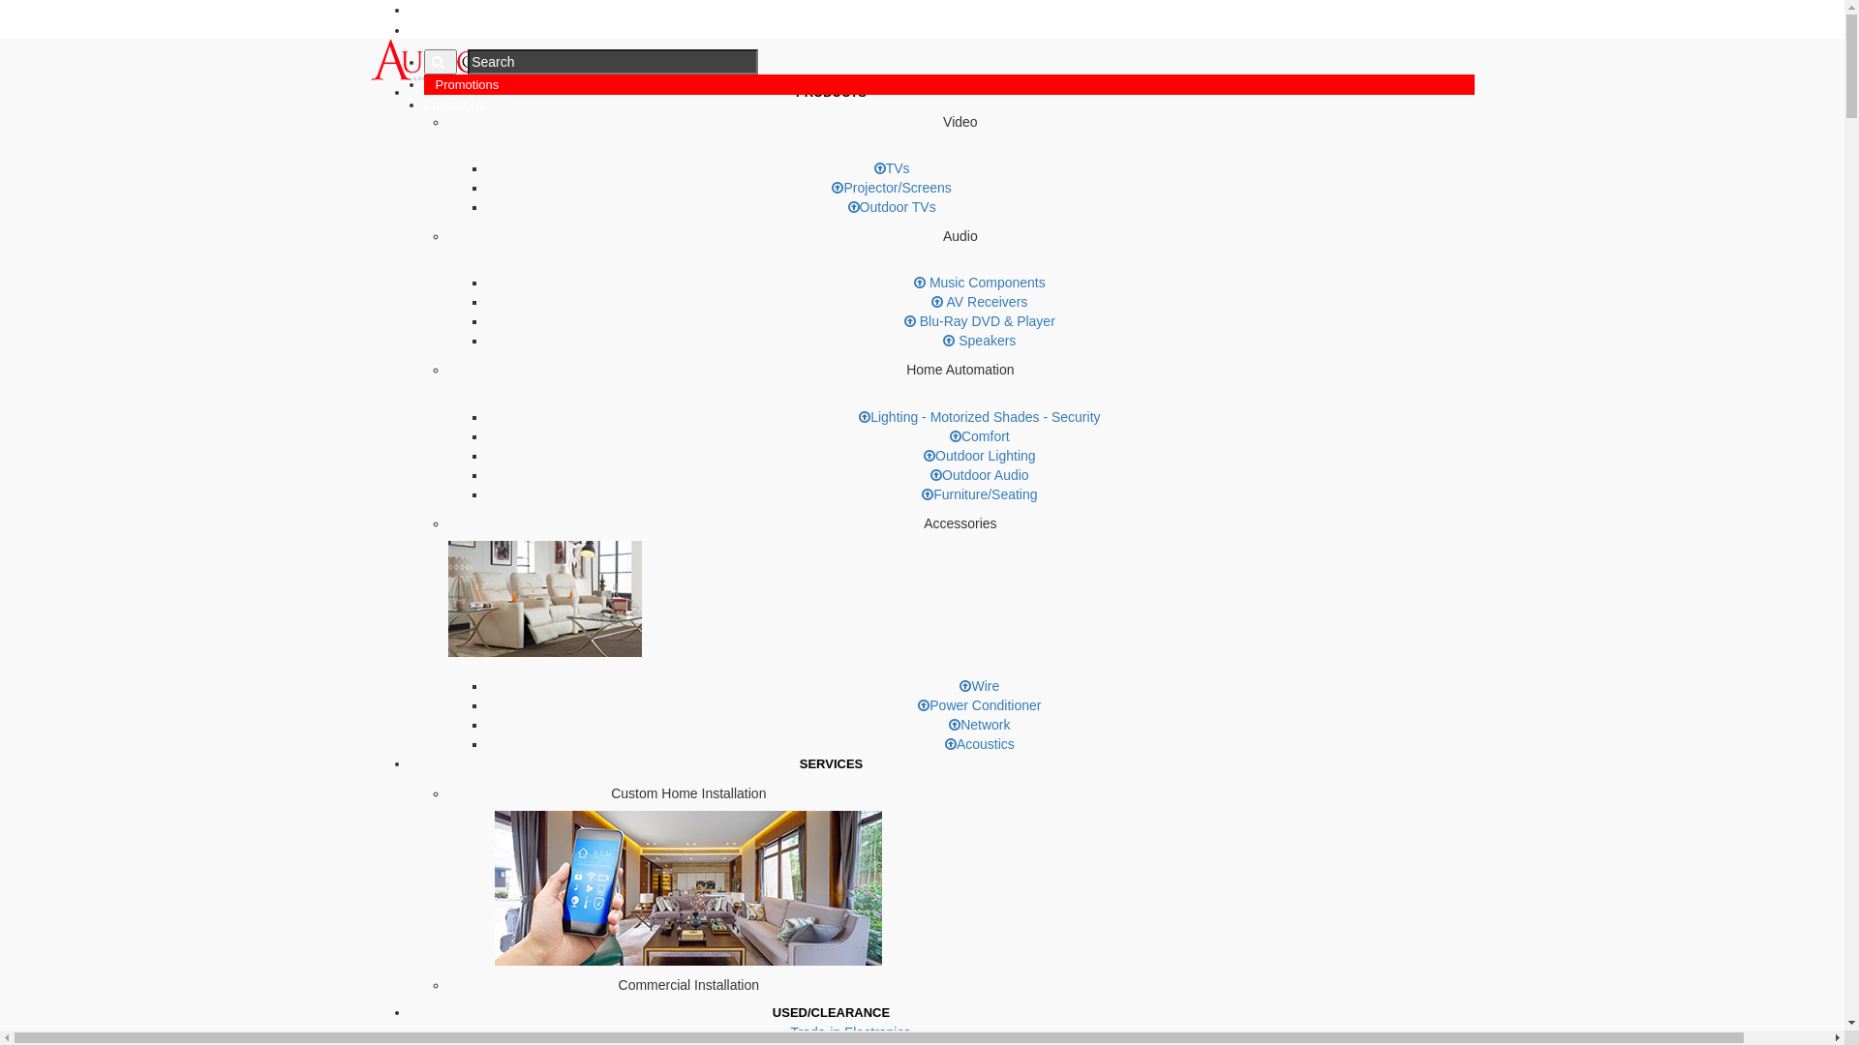 This screenshot has width=1859, height=1045. What do you see at coordinates (979, 493) in the screenshot?
I see `'Furniture/Seating'` at bounding box center [979, 493].